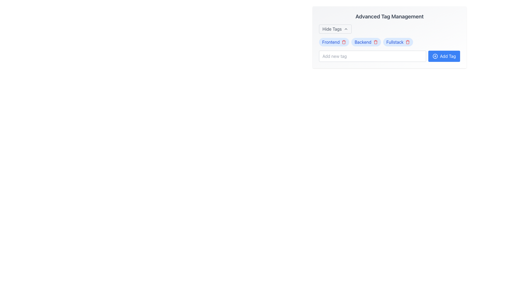 This screenshot has width=513, height=288. What do you see at coordinates (335, 29) in the screenshot?
I see `the toggle button at the top of the 'Advanced Tag Management' section to change the visibility of the displayed tags` at bounding box center [335, 29].